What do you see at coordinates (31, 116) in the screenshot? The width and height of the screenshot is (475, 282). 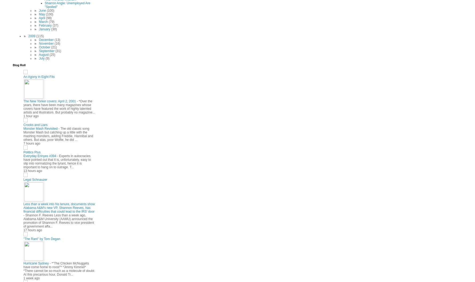 I see `'1 hour ago'` at bounding box center [31, 116].